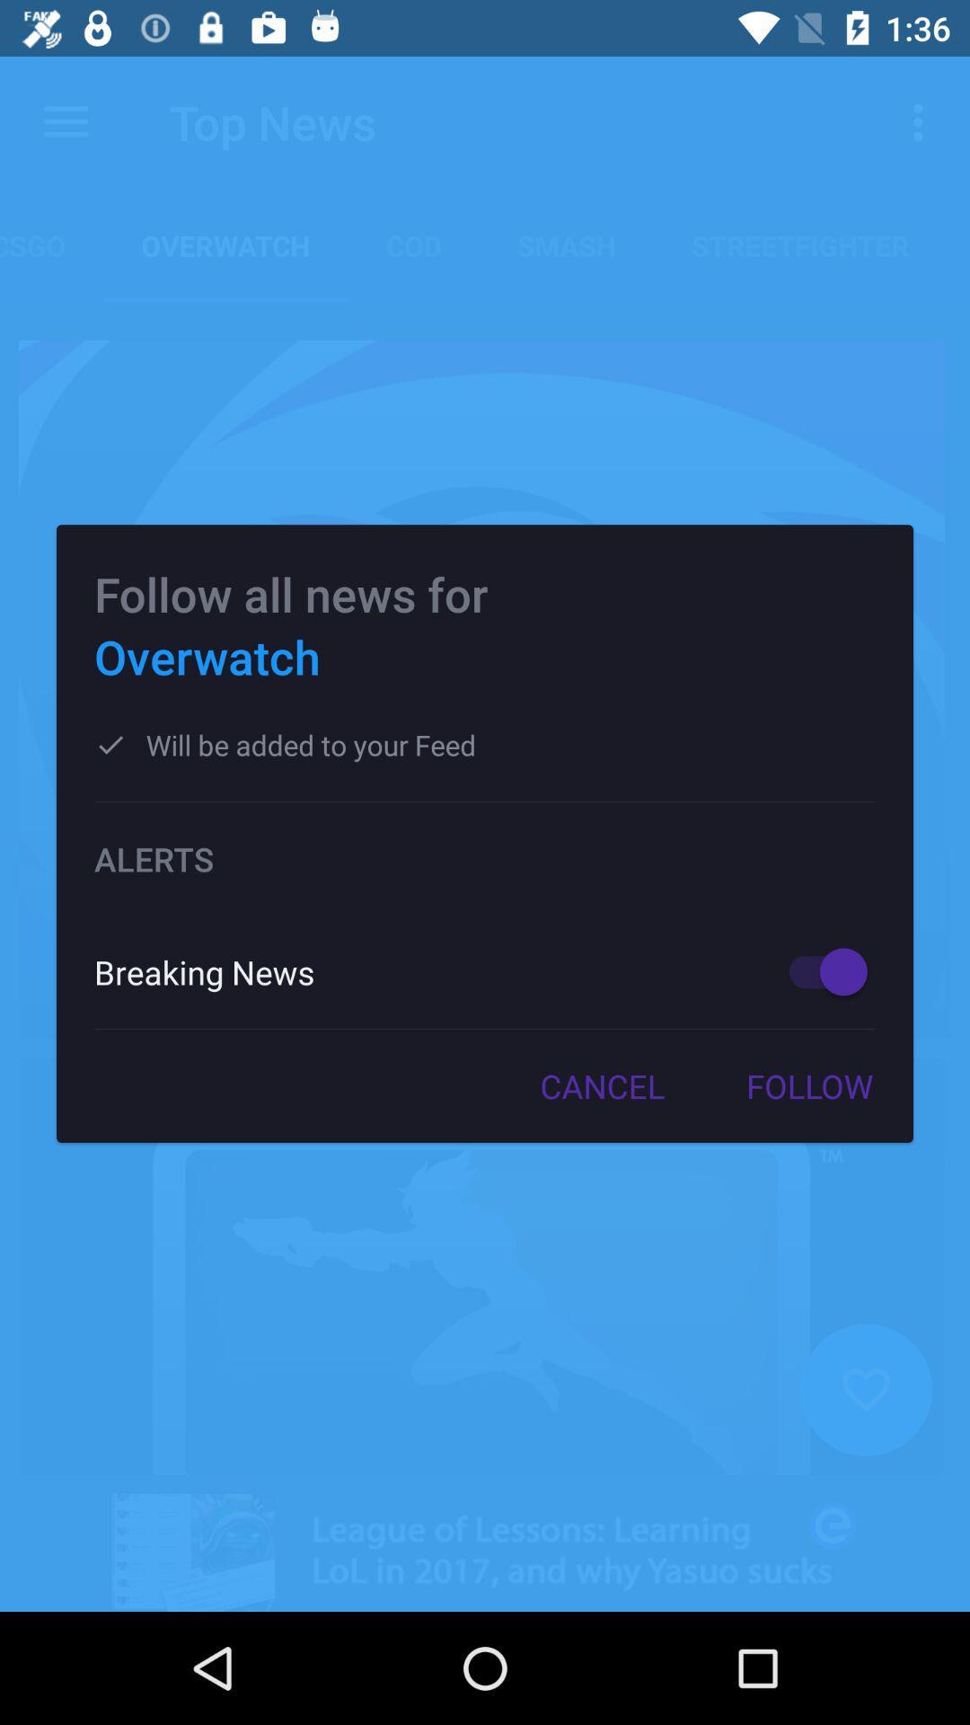 This screenshot has height=1725, width=970. Describe the element at coordinates (602, 1085) in the screenshot. I see `the cancel item` at that location.